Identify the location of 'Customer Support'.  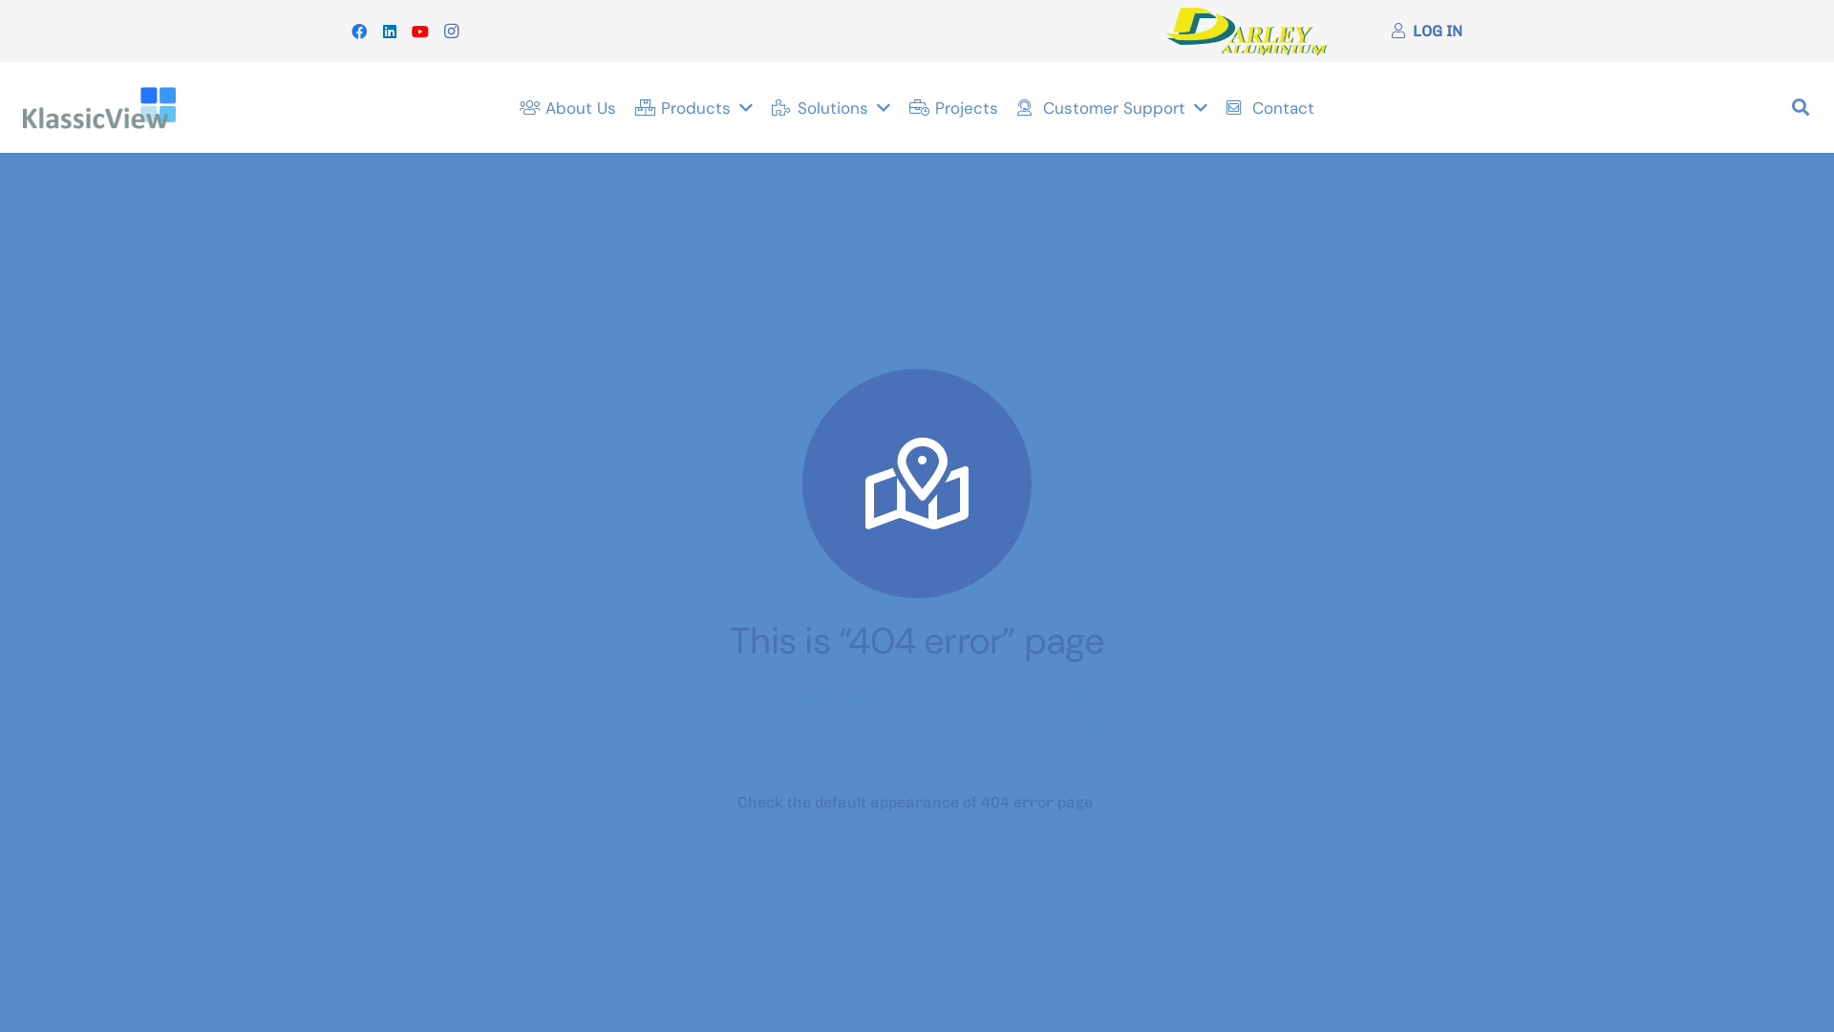
(1112, 107).